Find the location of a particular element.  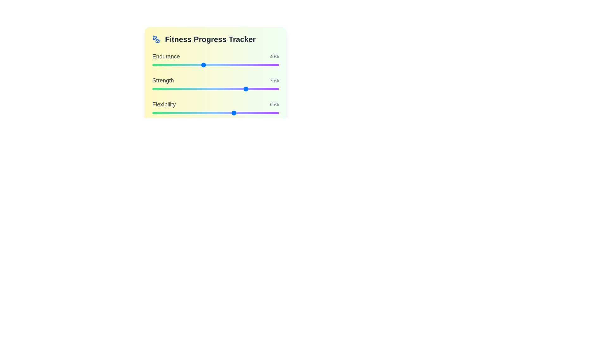

the Fitness Progress Tracker icon is located at coordinates (156, 39).